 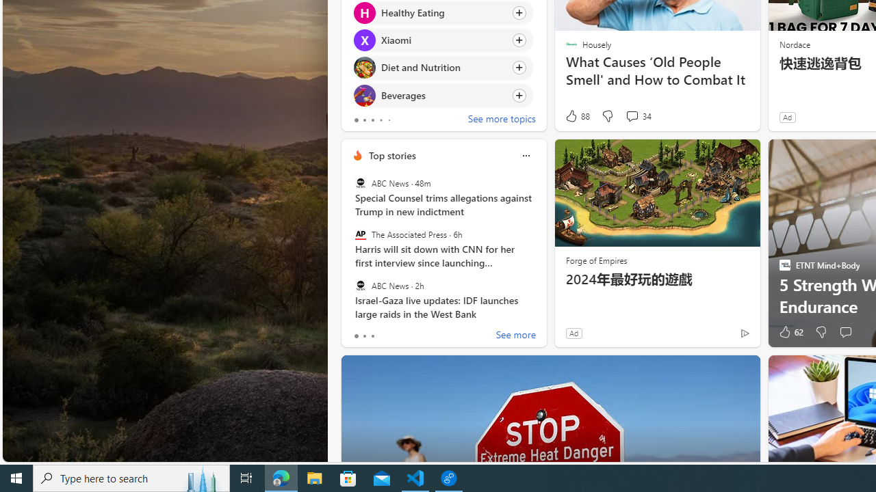 I want to click on 'tab-2', so click(x=372, y=336).